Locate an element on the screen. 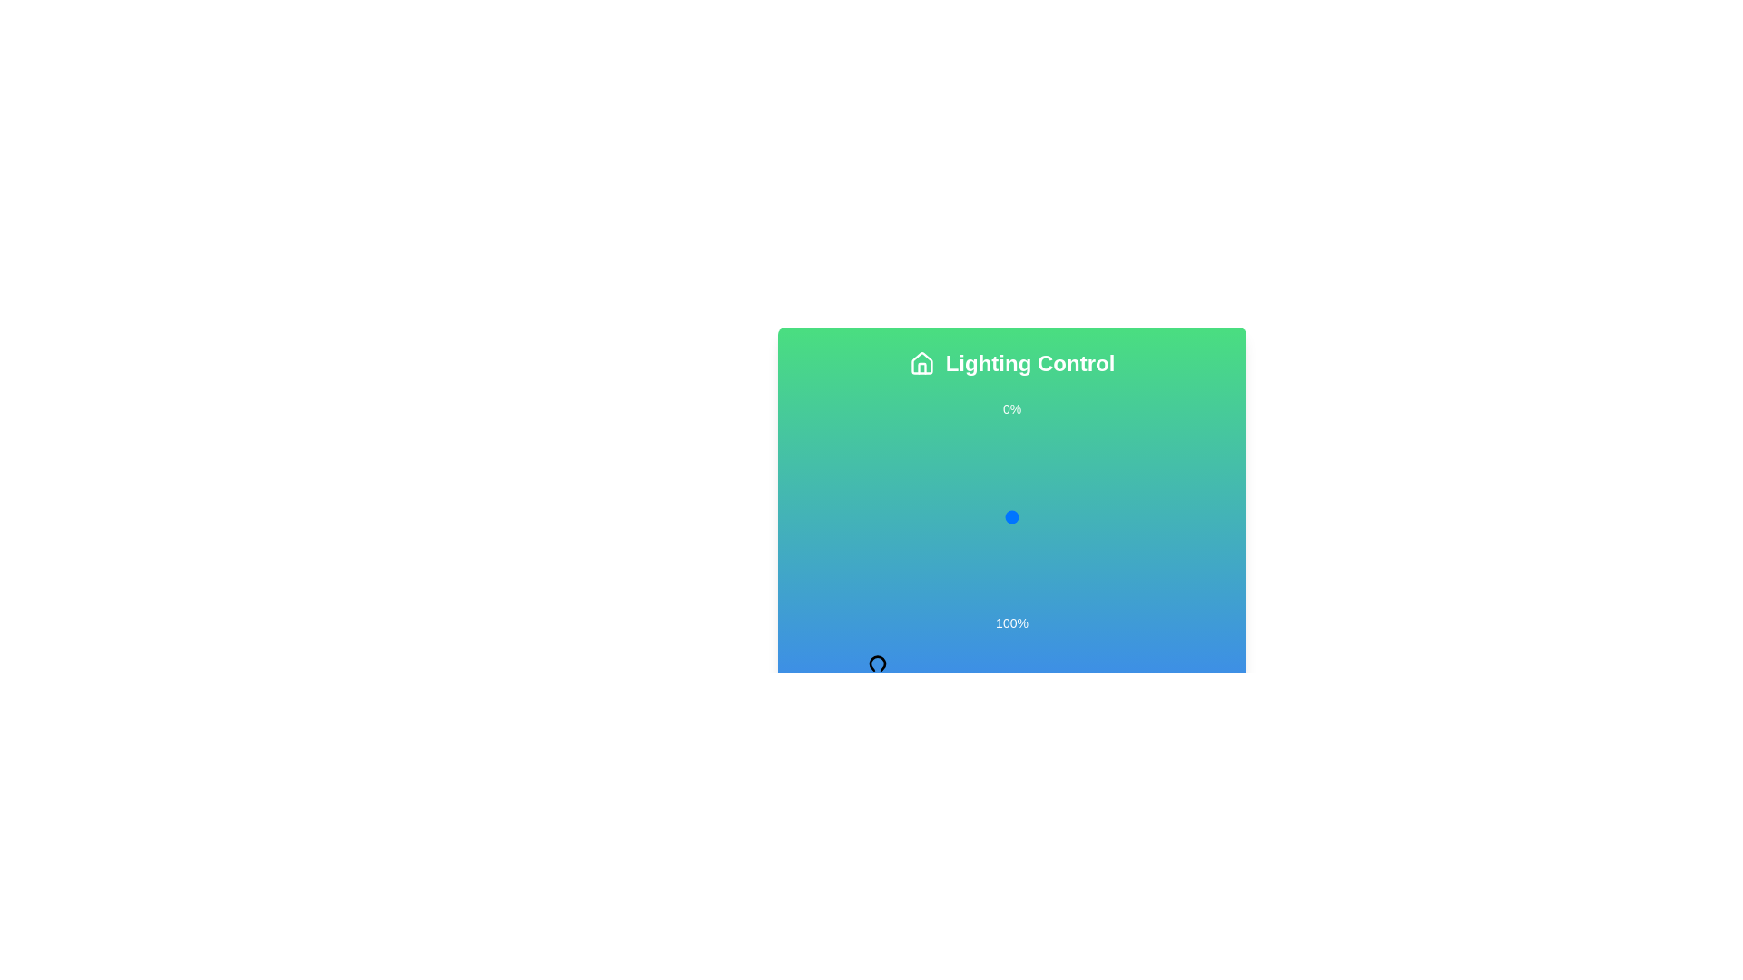  the lighting level percentage is located at coordinates (1001, 516).